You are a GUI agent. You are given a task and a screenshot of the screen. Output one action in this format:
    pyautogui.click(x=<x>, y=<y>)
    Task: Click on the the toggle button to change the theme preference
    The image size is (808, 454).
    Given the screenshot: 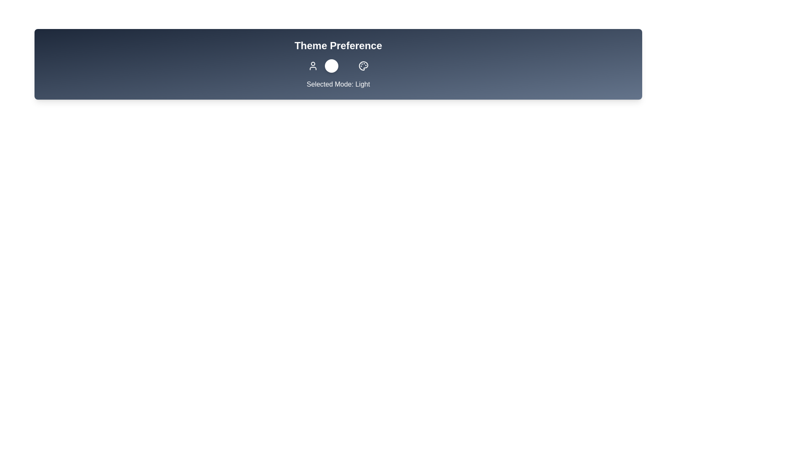 What is the action you would take?
    pyautogui.click(x=338, y=66)
    